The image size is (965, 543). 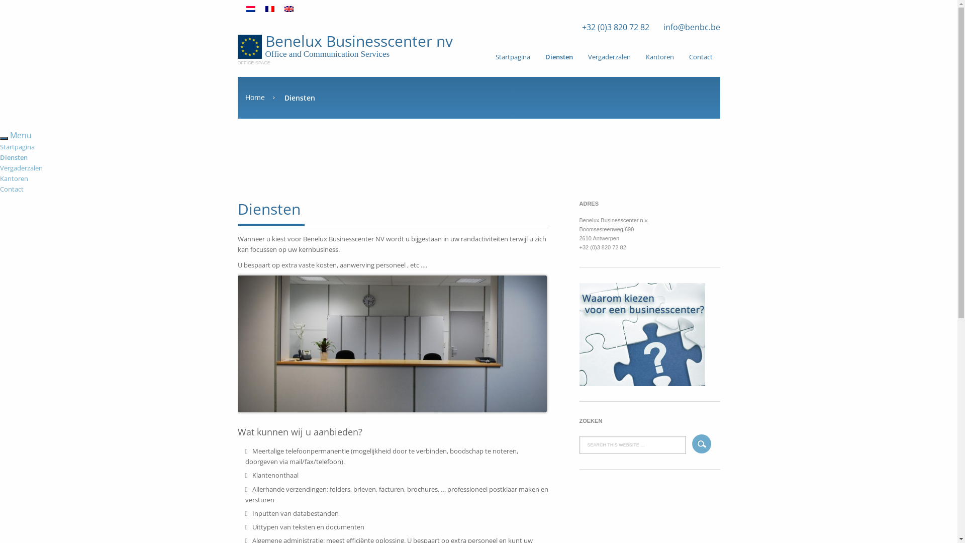 What do you see at coordinates (14, 177) in the screenshot?
I see `'Kantoren'` at bounding box center [14, 177].